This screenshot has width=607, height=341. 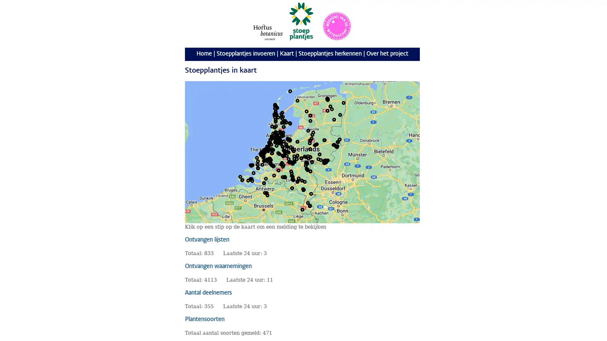 I want to click on Telling van op 25 juni 2022, so click(x=250, y=179).